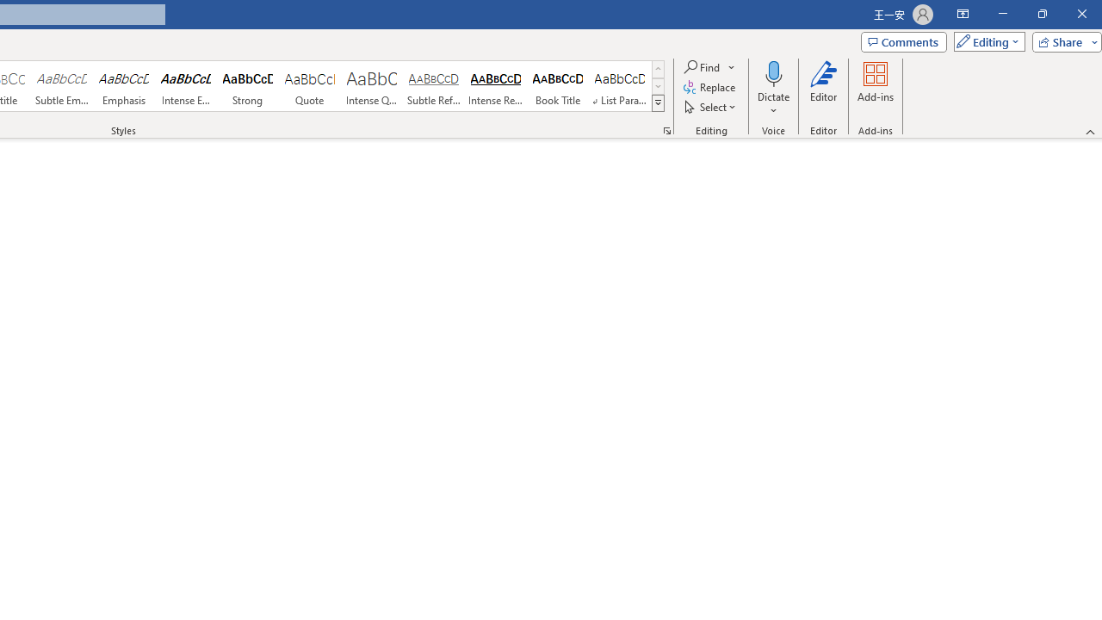 The width and height of the screenshot is (1102, 620). I want to click on 'Strong', so click(247, 86).